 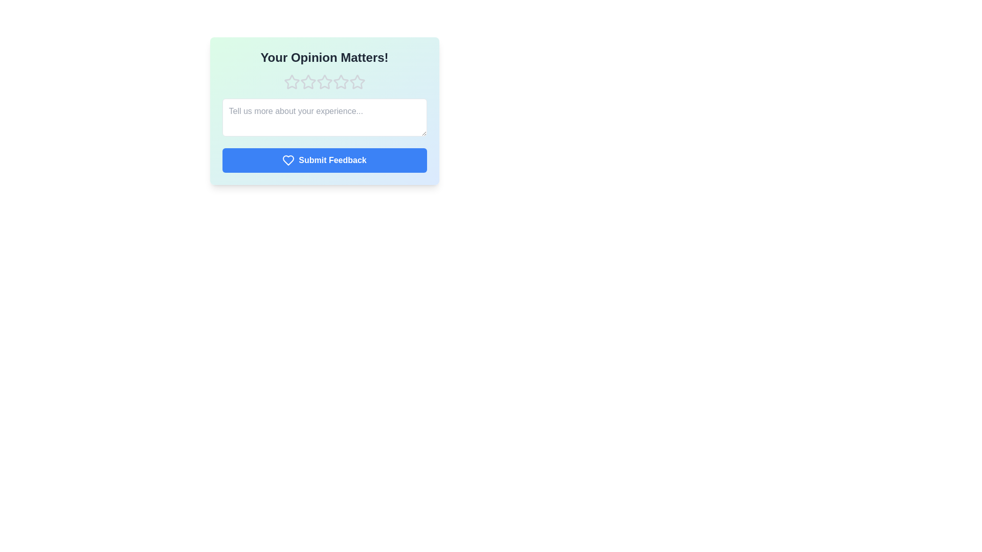 I want to click on the 'Submit Feedback' button which contains the decorative heart icon, enhancing its visual appeal, so click(x=288, y=160).